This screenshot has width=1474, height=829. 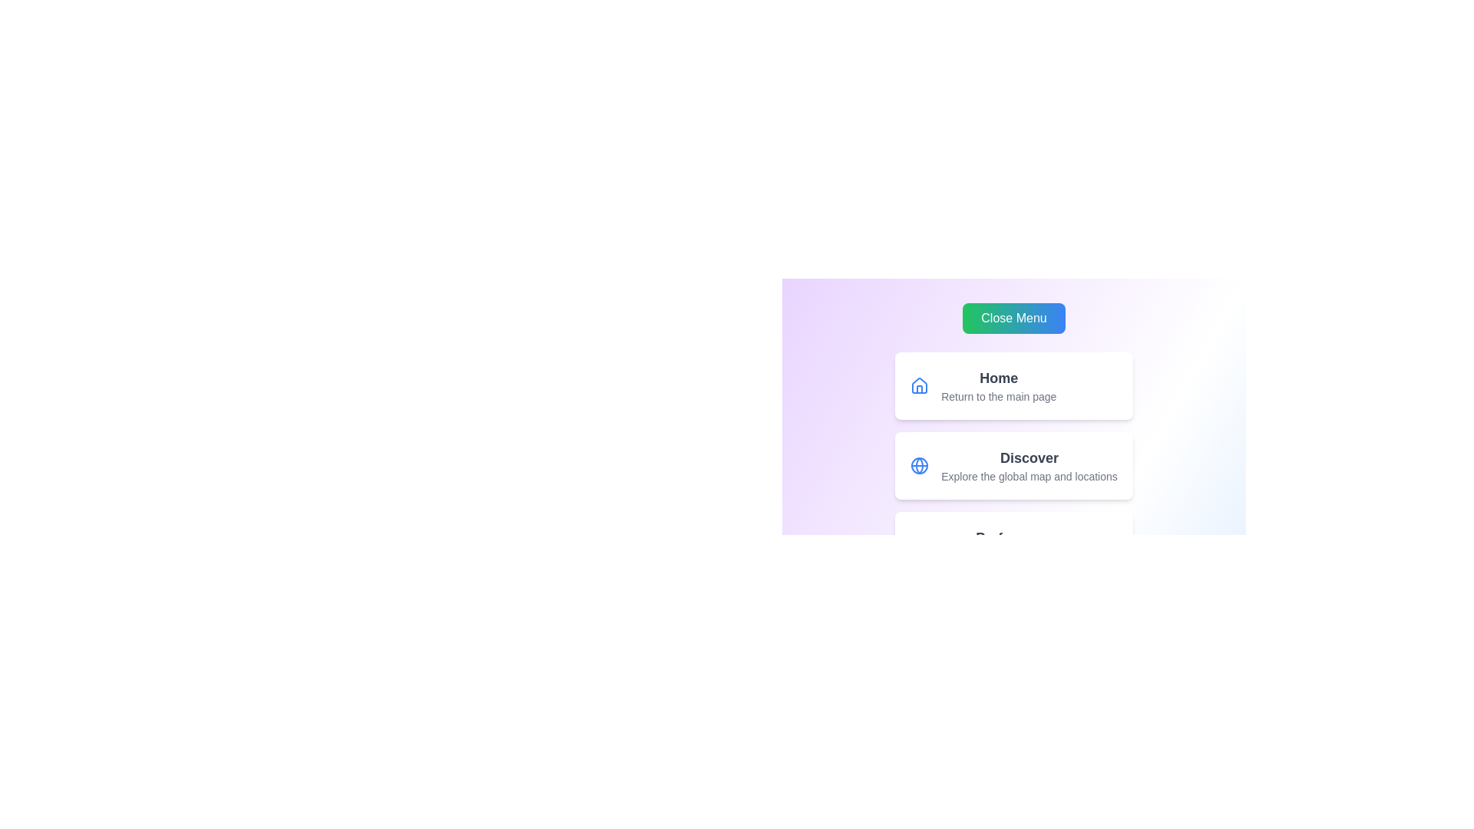 What do you see at coordinates (1013, 464) in the screenshot?
I see `the menu item Discover` at bounding box center [1013, 464].